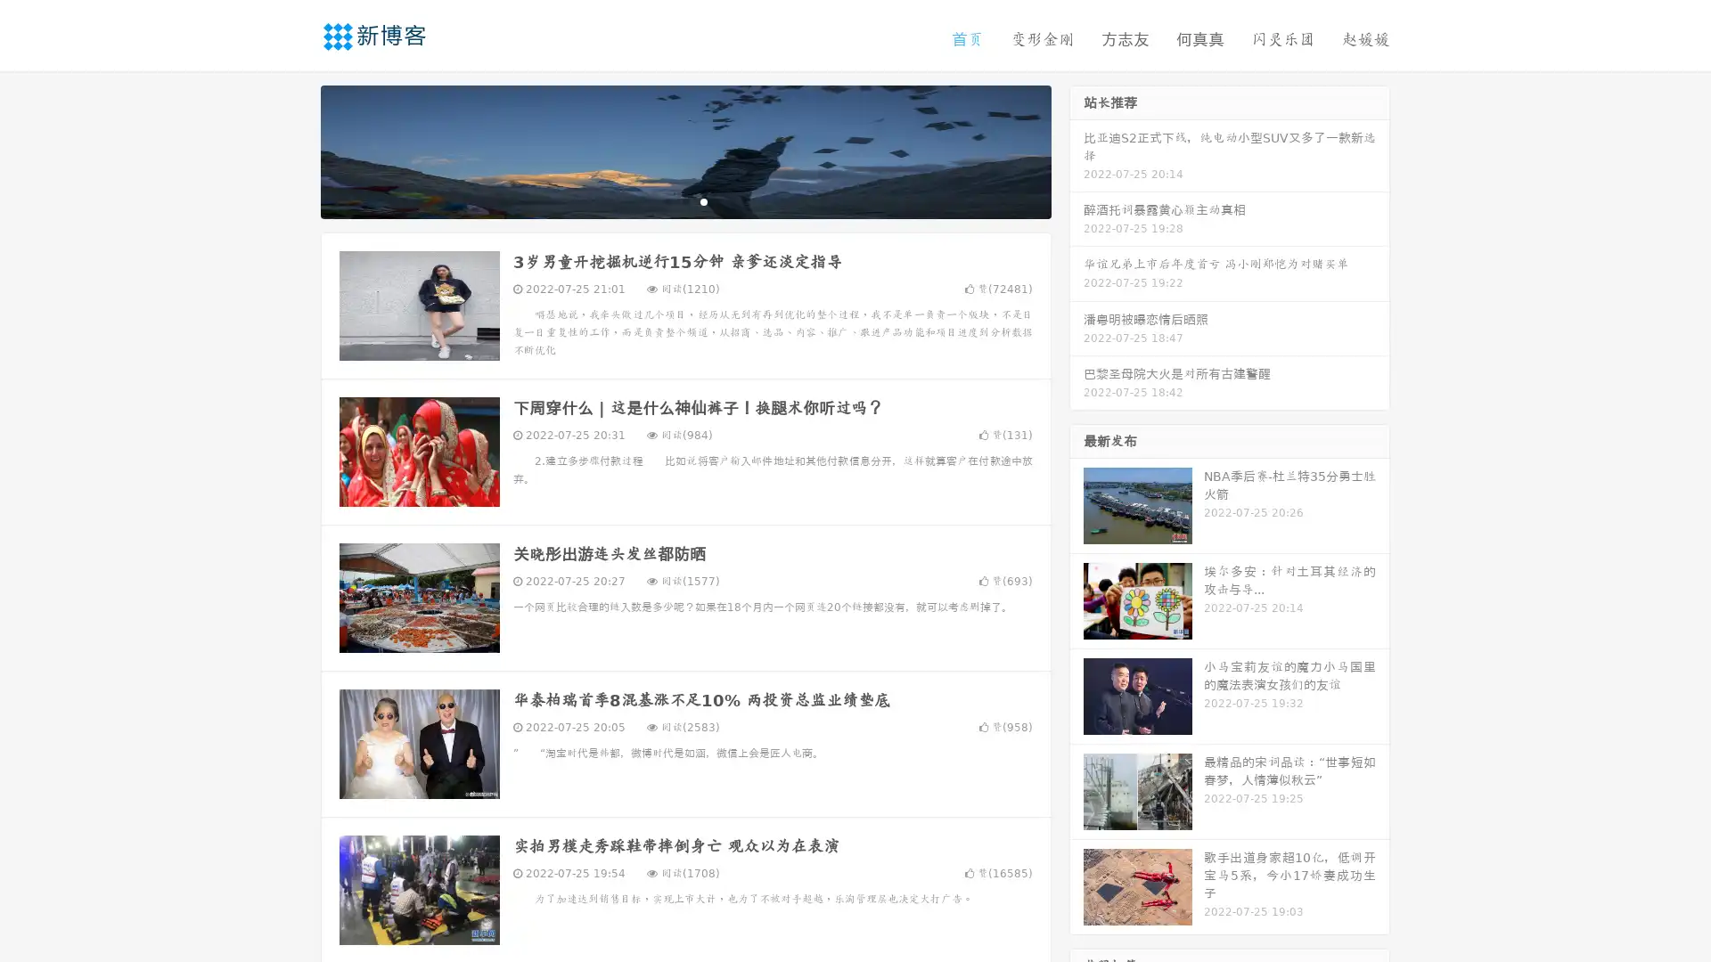  Describe the element at coordinates (294, 150) in the screenshot. I see `Previous slide` at that location.